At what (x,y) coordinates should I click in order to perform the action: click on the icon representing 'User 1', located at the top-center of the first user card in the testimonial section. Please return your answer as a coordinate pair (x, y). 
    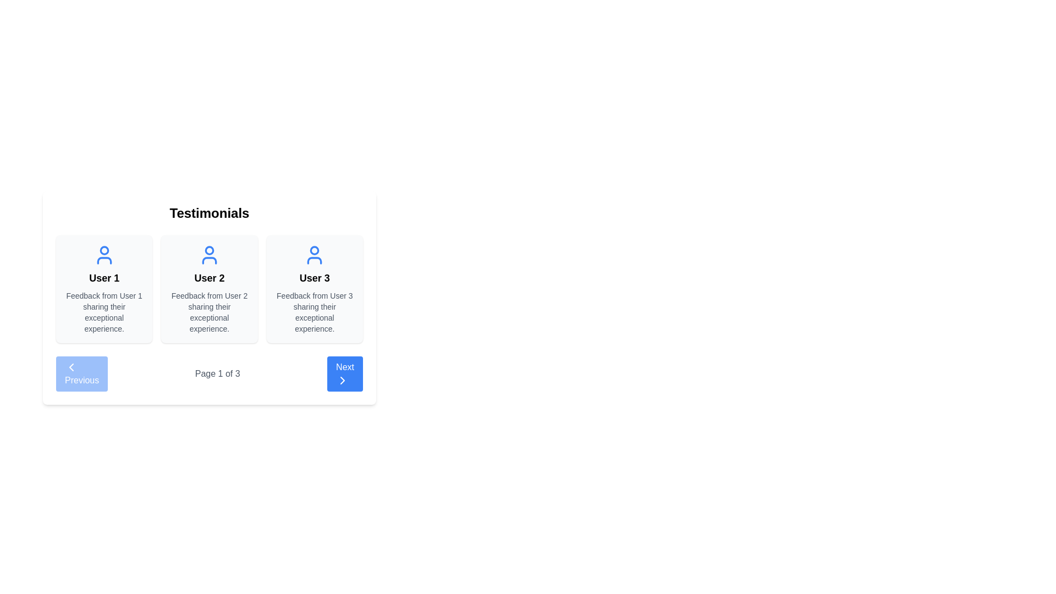
    Looking at the image, I should click on (104, 255).